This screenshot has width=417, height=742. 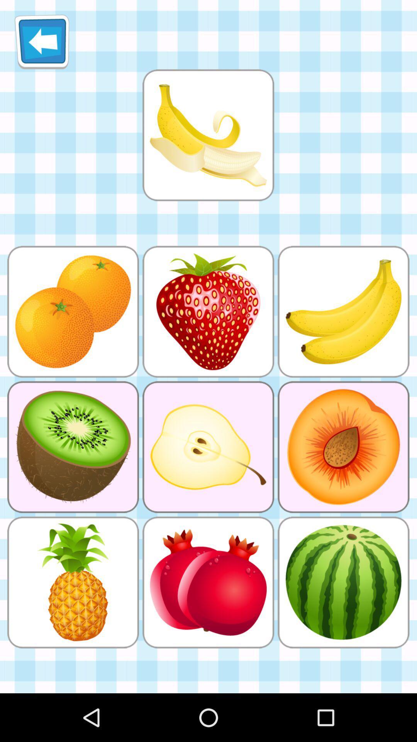 What do you see at coordinates (42, 44) in the screenshot?
I see `the arrow_backward icon` at bounding box center [42, 44].